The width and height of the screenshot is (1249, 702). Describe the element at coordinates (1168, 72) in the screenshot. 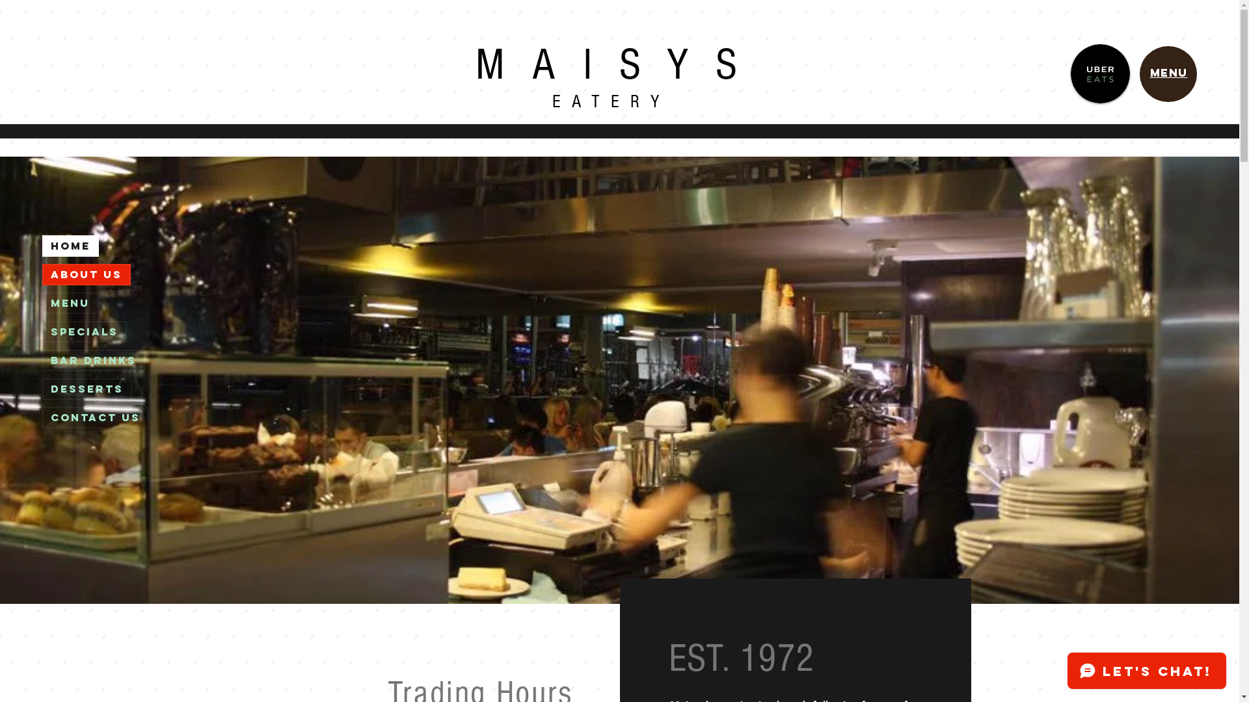

I see `'MENU'` at that location.